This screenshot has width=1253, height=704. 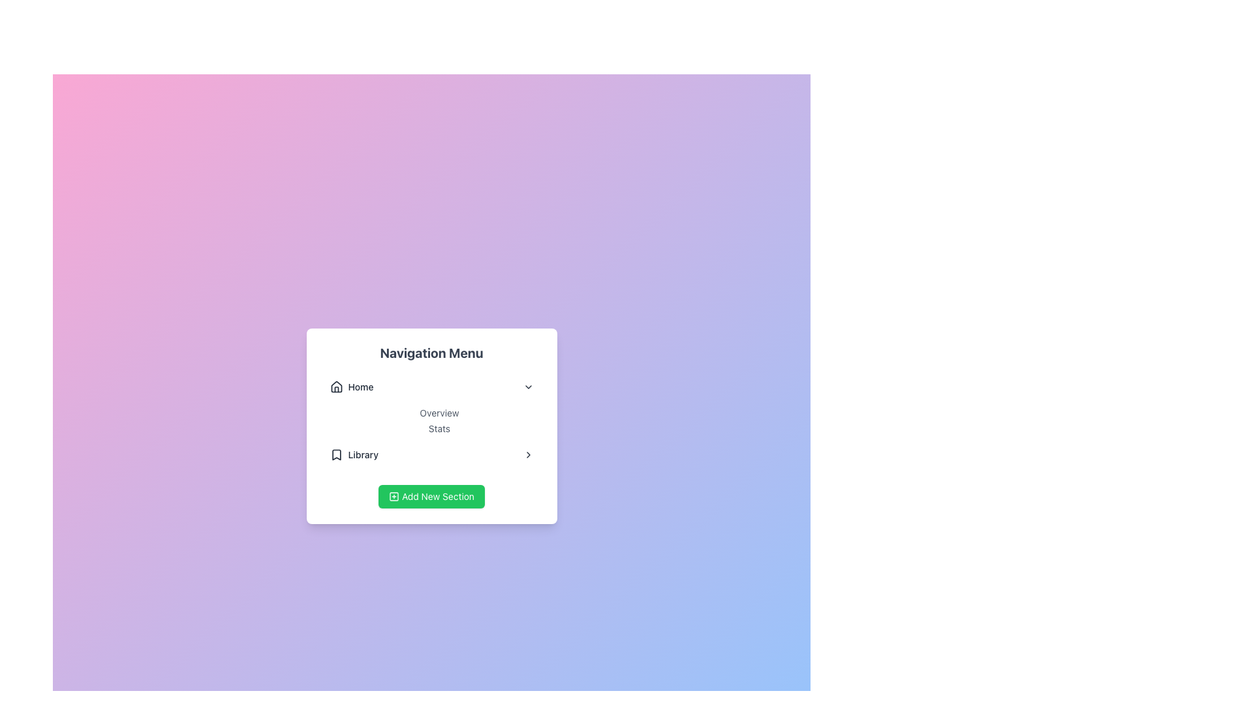 What do you see at coordinates (528, 454) in the screenshot?
I see `the arrow icon located on the far-right side of the 'Library' row` at bounding box center [528, 454].